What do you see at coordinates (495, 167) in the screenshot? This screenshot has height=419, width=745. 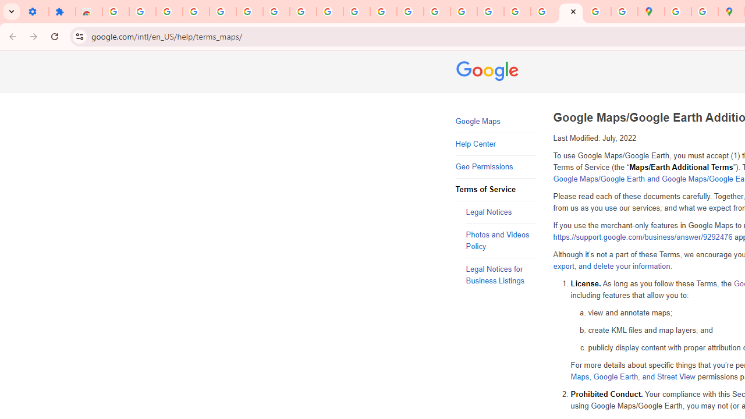 I see `'Geo Permissions'` at bounding box center [495, 167].